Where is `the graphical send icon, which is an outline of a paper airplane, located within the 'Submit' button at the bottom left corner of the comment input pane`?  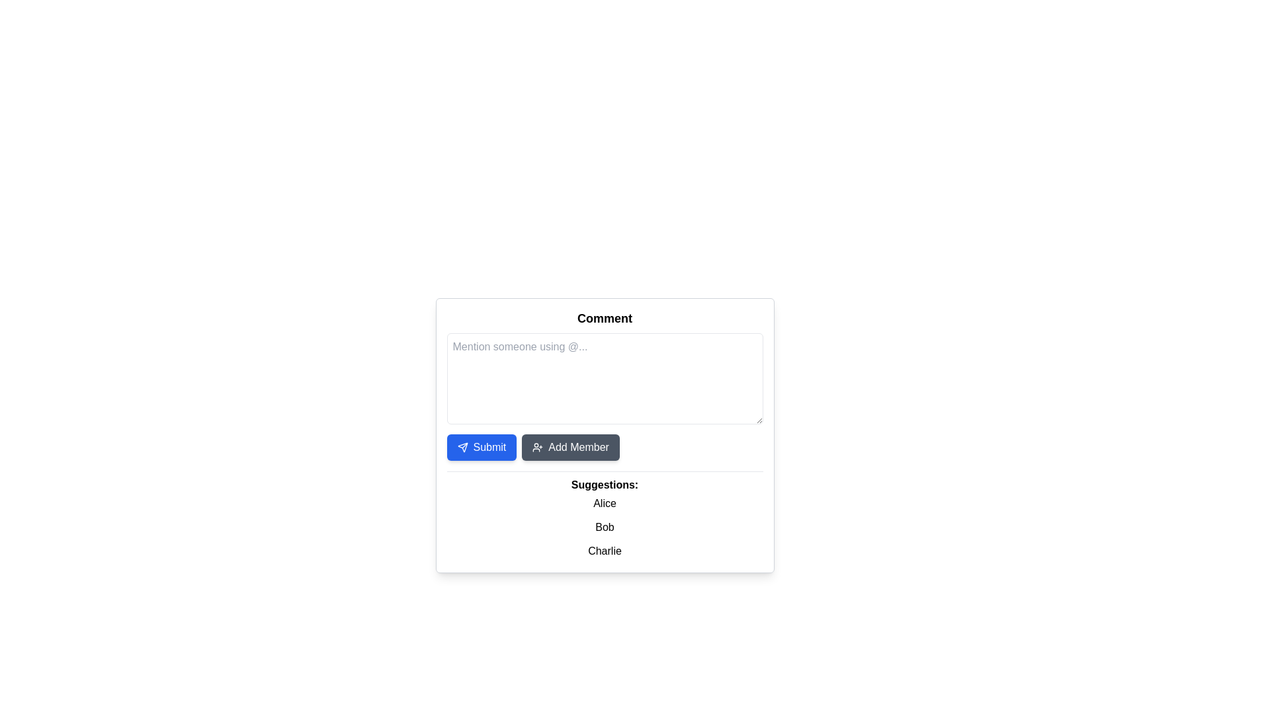 the graphical send icon, which is an outline of a paper airplane, located within the 'Submit' button at the bottom left corner of the comment input pane is located at coordinates (462, 447).